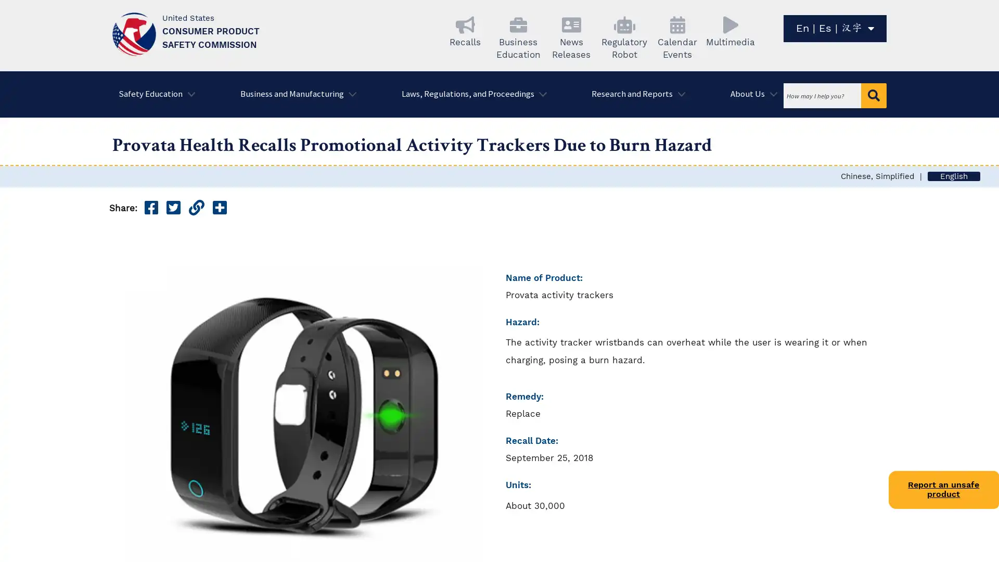  I want to click on About Us, so click(751, 94).